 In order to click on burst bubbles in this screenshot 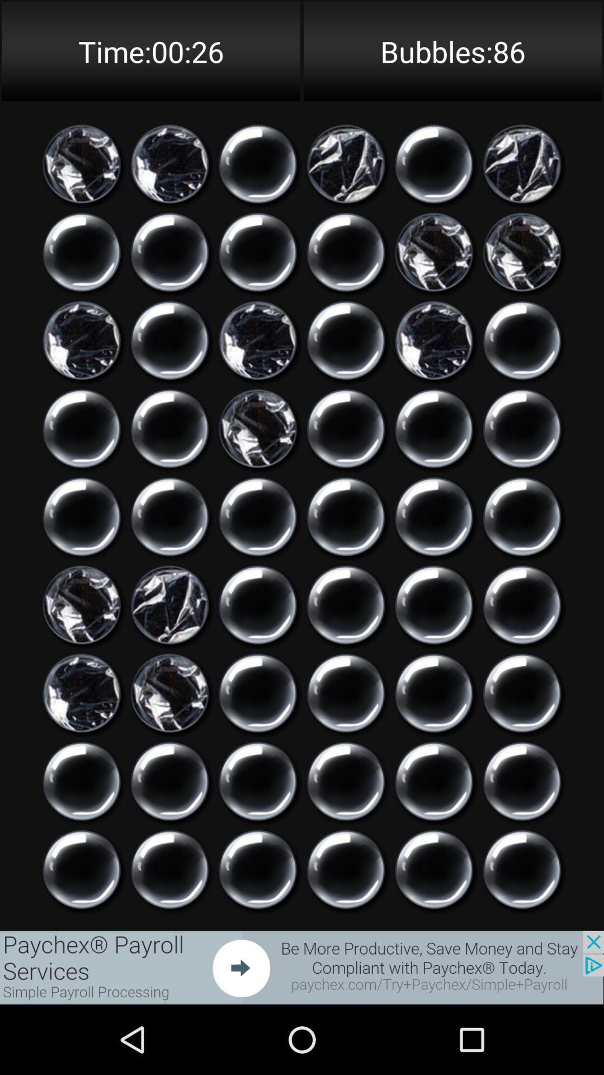, I will do `click(345, 516)`.